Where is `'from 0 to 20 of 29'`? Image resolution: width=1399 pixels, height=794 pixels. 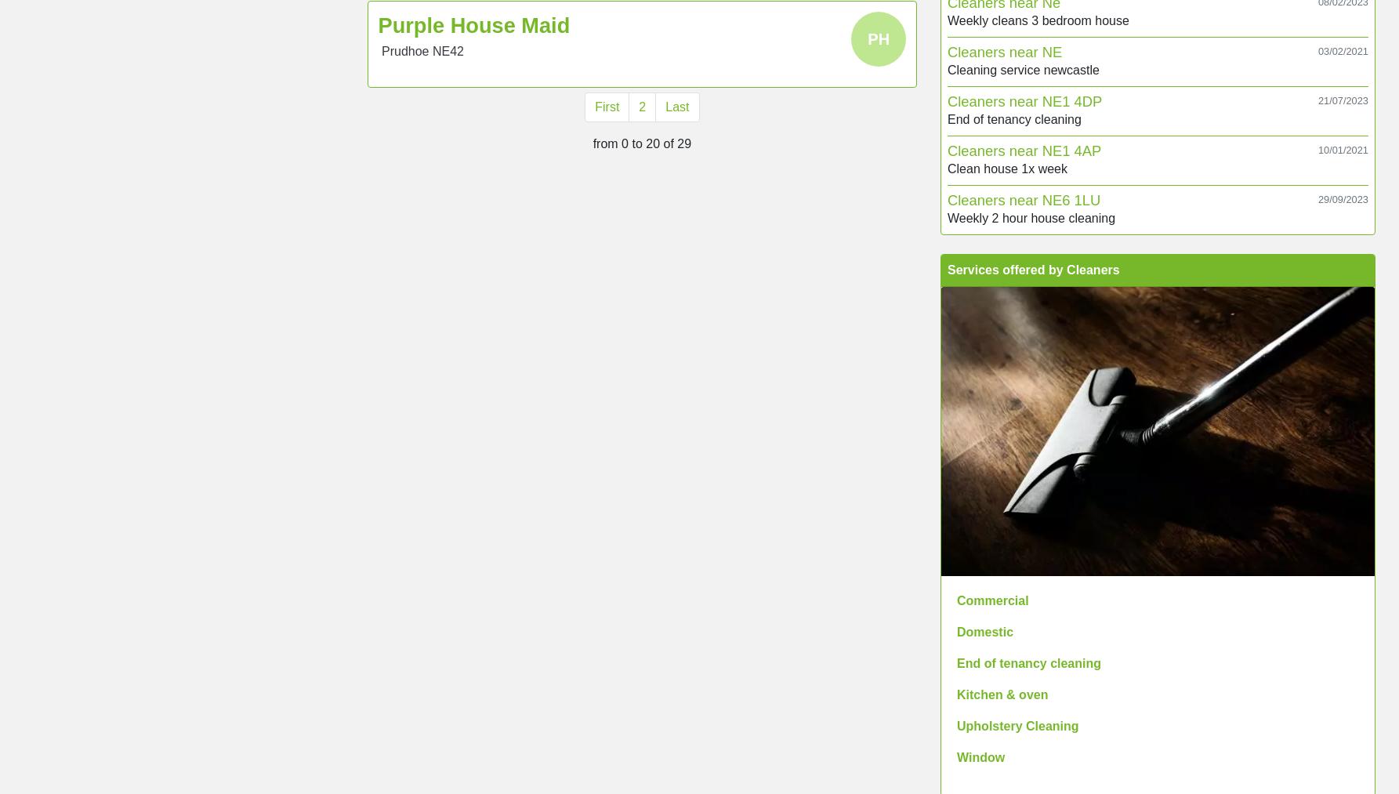 'from 0 to 20 of 29' is located at coordinates (641, 143).